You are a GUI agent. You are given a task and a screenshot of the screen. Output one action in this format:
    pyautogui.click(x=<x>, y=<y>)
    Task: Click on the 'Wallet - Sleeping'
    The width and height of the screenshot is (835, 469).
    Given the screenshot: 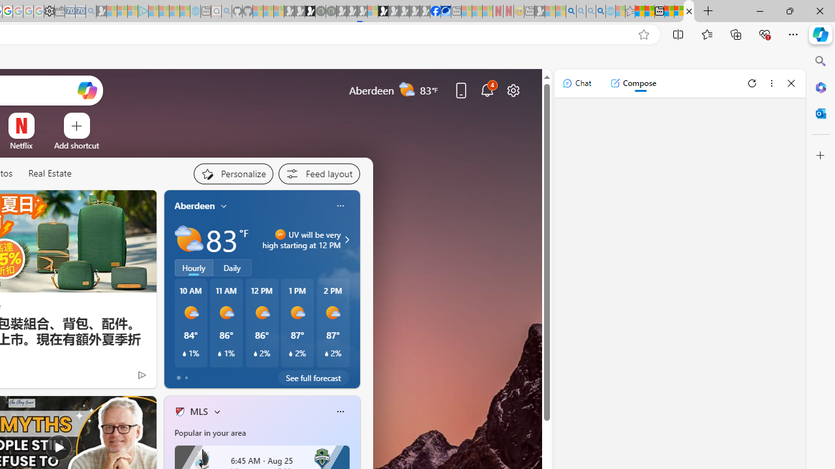 What is the action you would take?
    pyautogui.click(x=59, y=11)
    